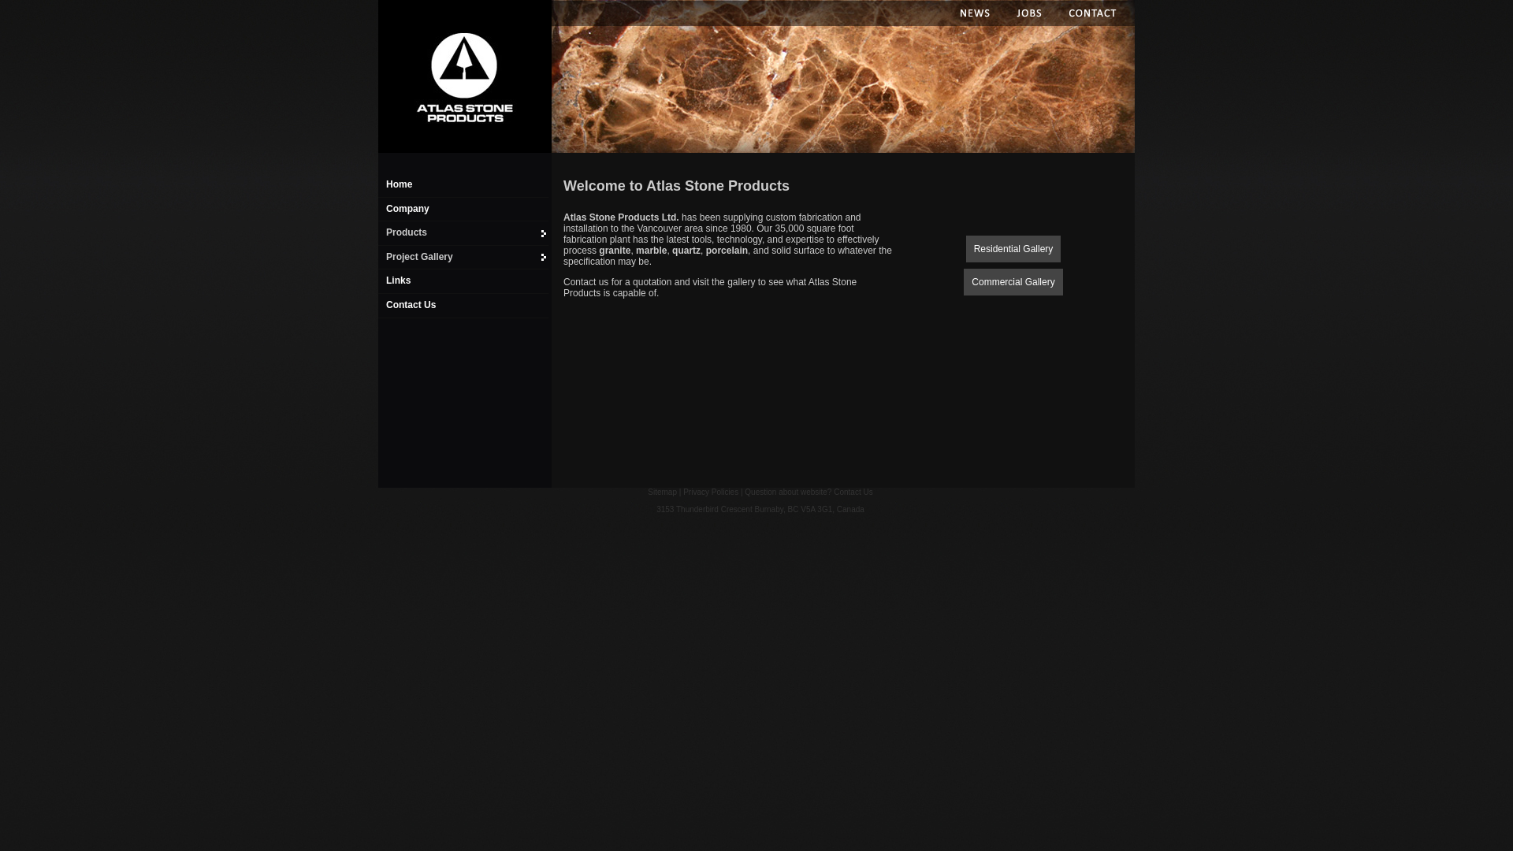 This screenshot has height=851, width=1513. Describe the element at coordinates (411, 304) in the screenshot. I see `'Contact Us'` at that location.